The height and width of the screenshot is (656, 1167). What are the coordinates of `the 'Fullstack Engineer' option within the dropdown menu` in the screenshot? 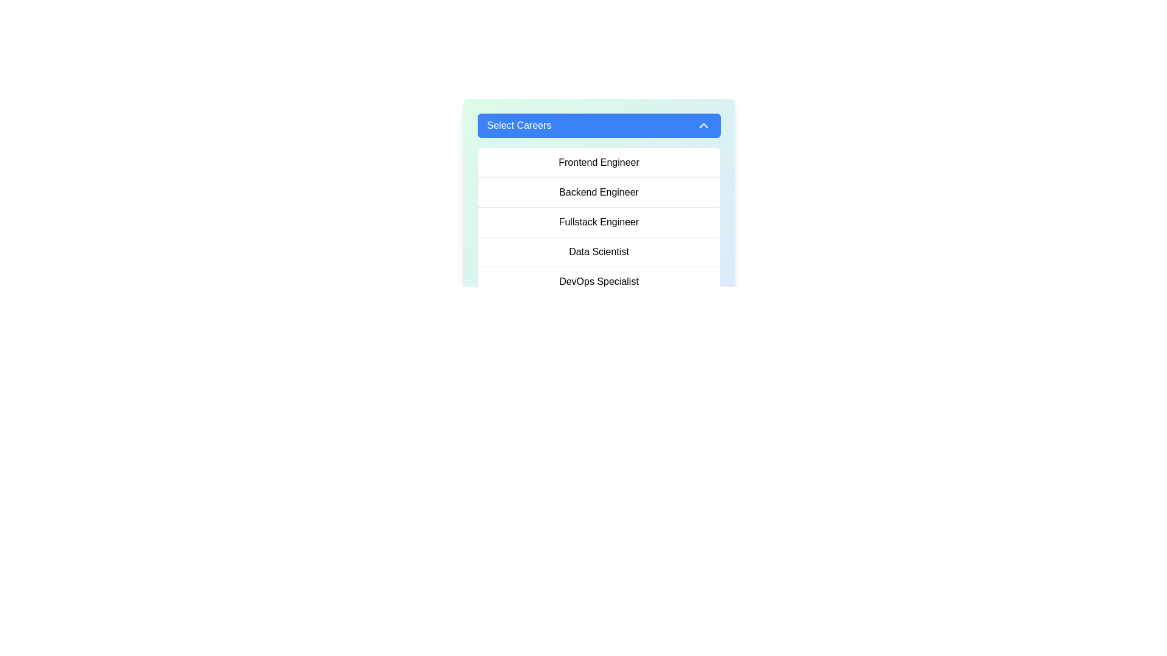 It's located at (599, 220).